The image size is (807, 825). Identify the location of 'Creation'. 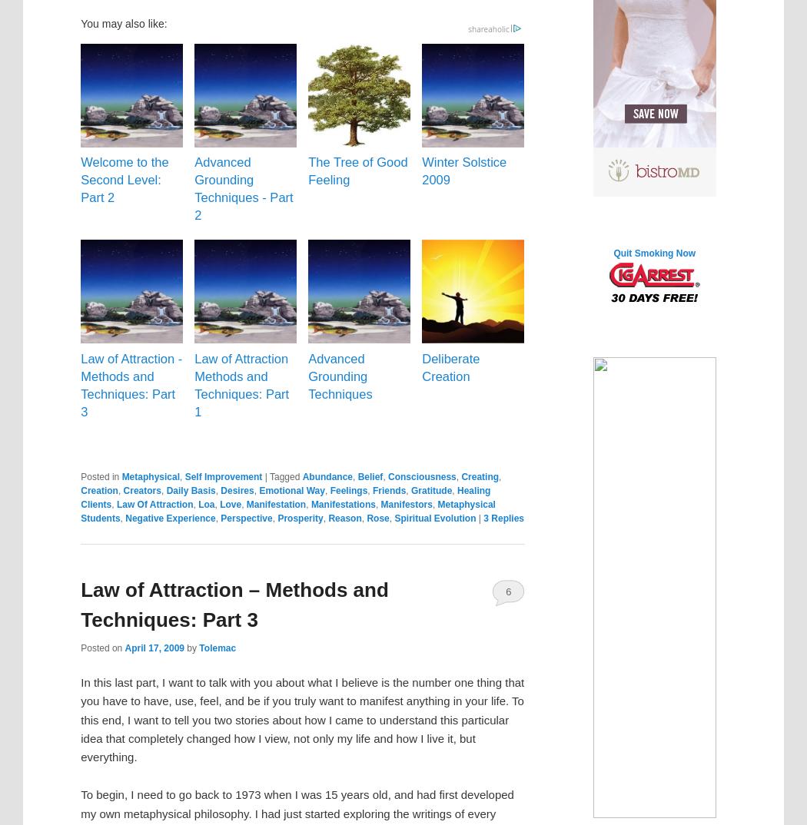
(98, 491).